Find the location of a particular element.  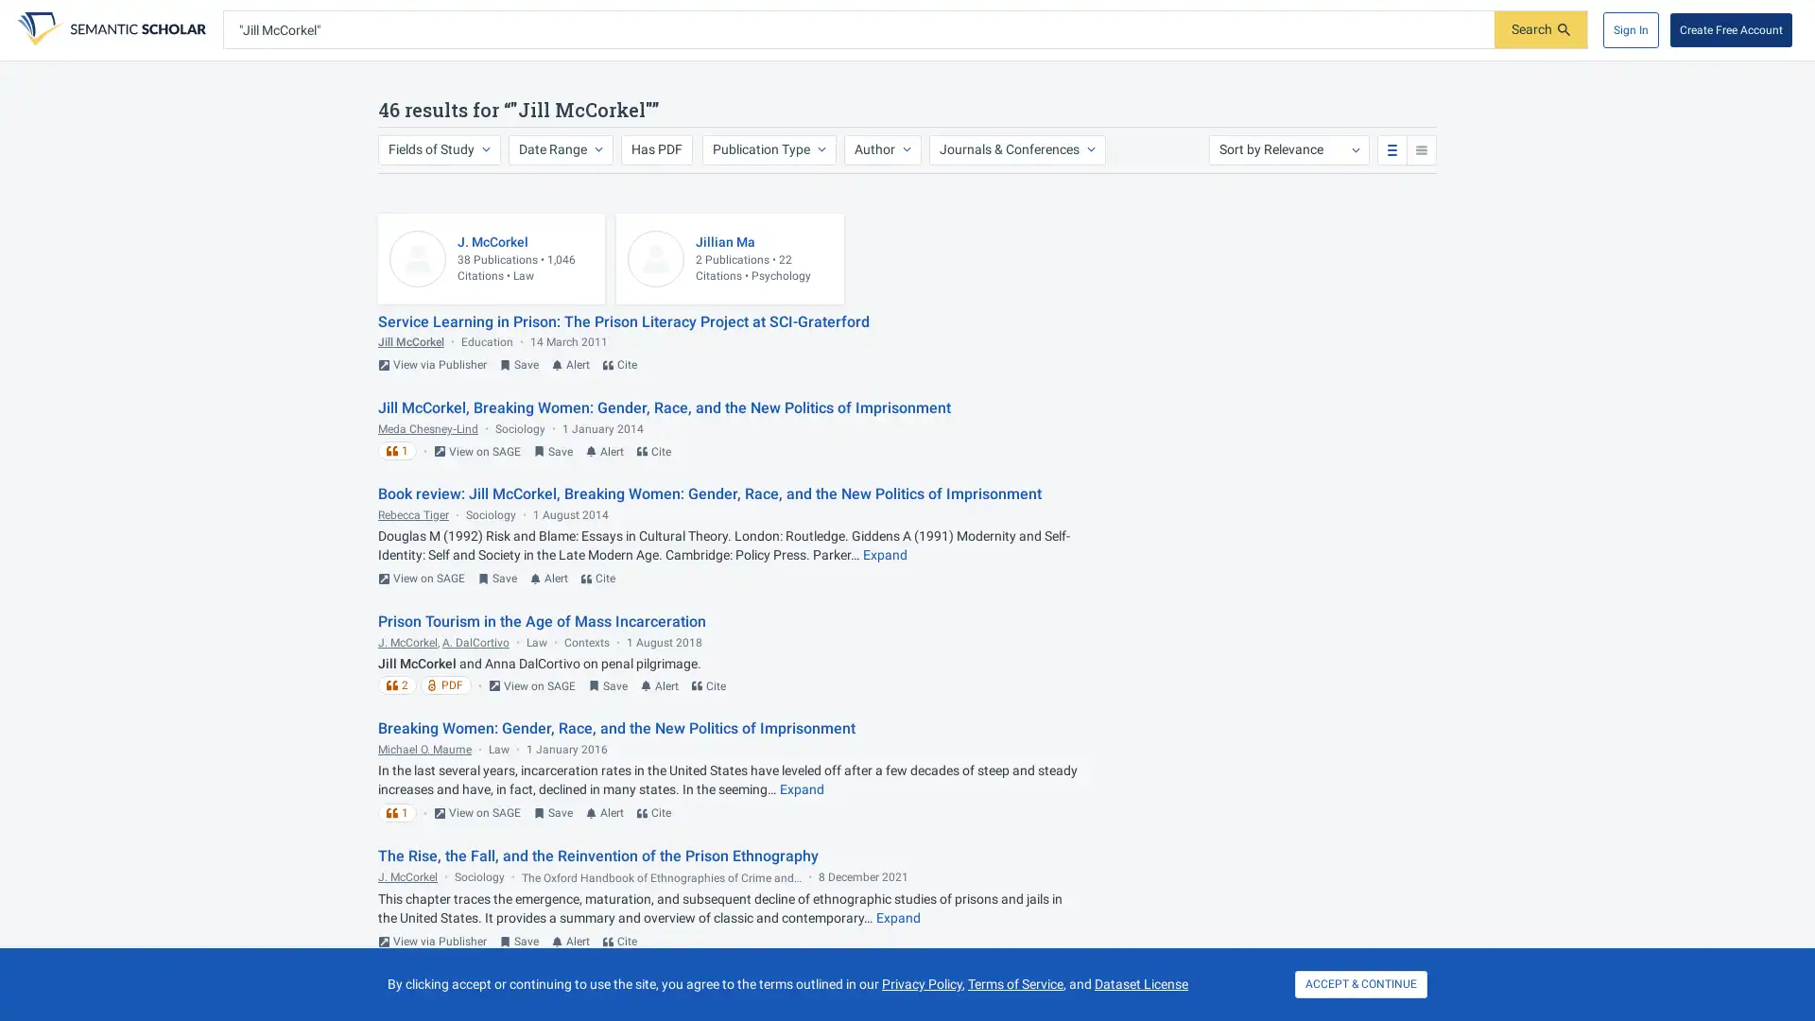

Has PDF is located at coordinates (656, 148).